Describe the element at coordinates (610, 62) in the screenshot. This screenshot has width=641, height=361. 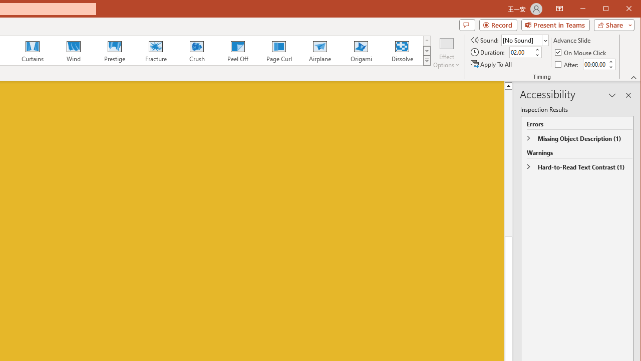
I see `'More'` at that location.